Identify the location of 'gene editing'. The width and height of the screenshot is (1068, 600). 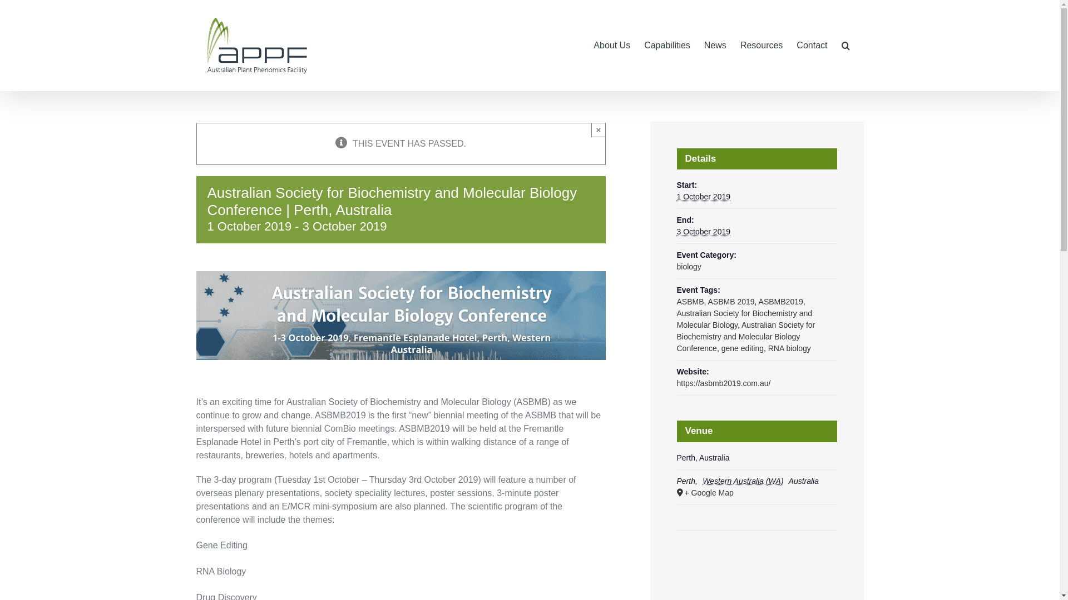
(721, 348).